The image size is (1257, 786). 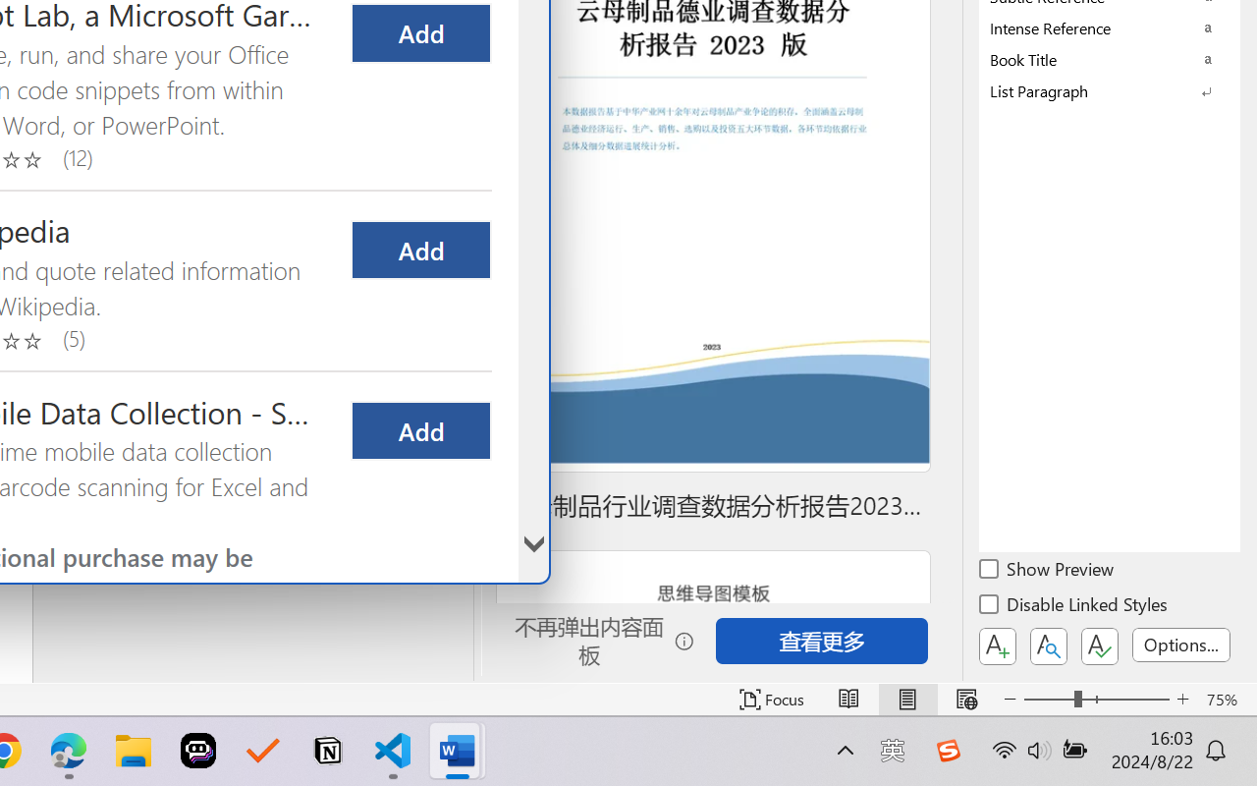 I want to click on 'List Paragraph', so click(x=1110, y=90).